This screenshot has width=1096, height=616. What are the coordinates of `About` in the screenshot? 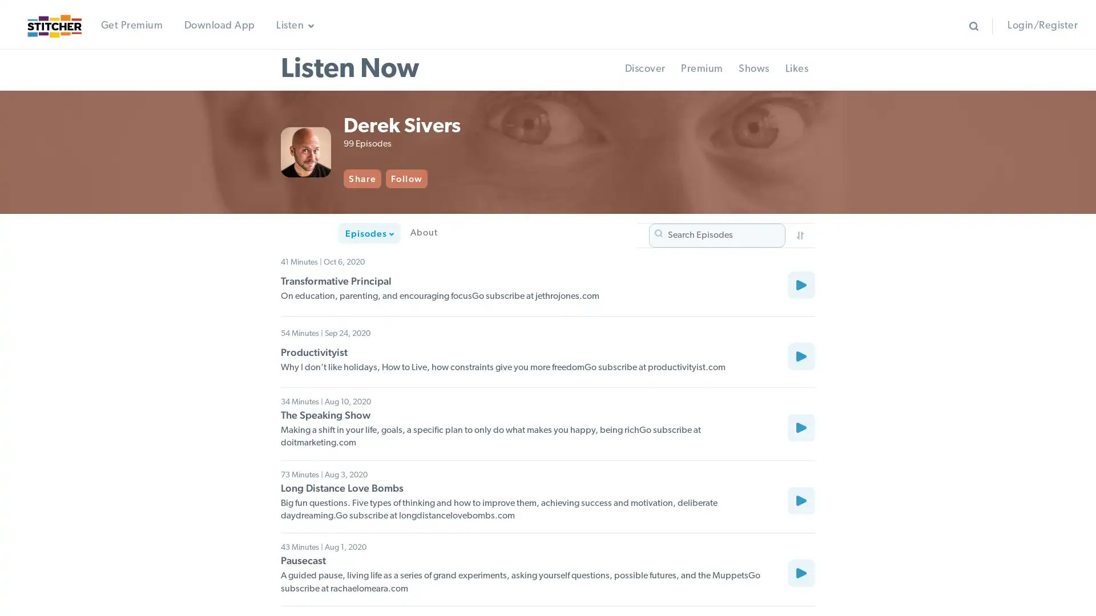 It's located at (366, 237).